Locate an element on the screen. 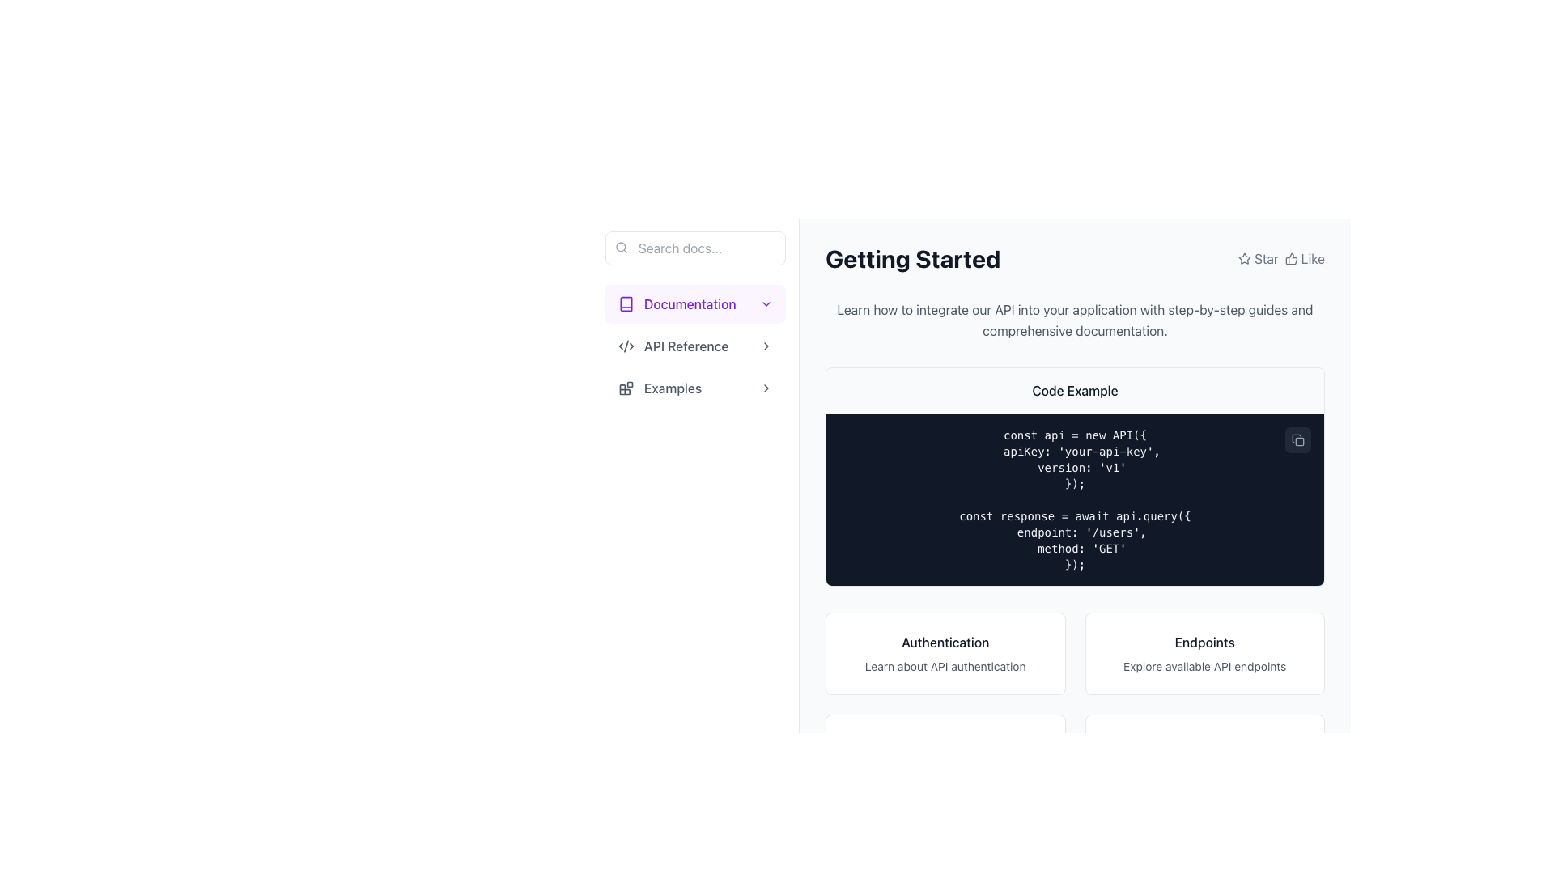 This screenshot has height=874, width=1554. the 'Documentation' button is located at coordinates (695, 303).